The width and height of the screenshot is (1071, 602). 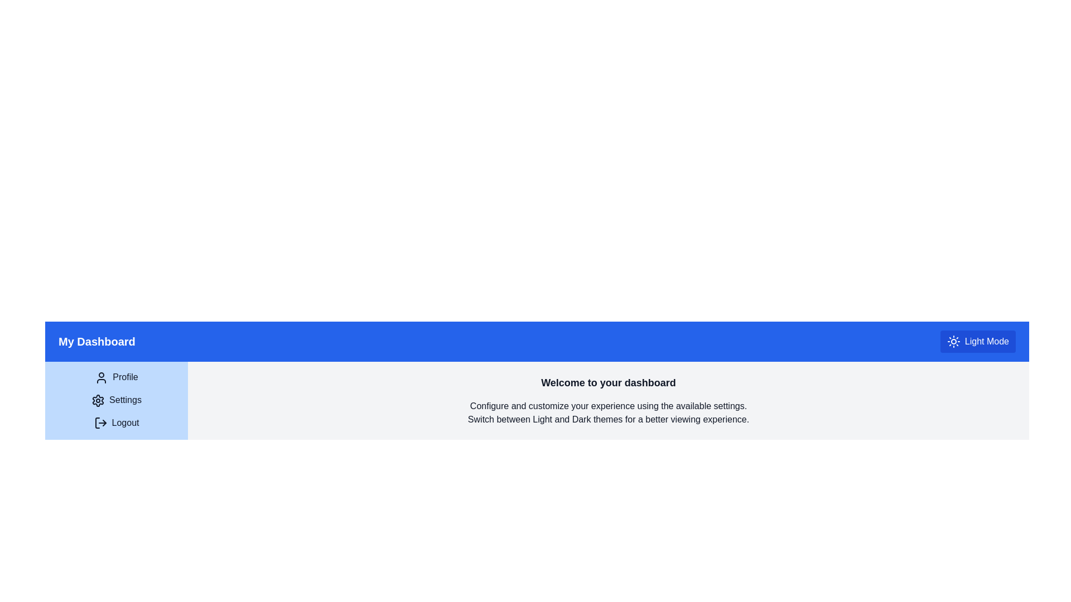 I want to click on the welcome message text label that serves as an introduction within the dashboard interface, so click(x=607, y=382).